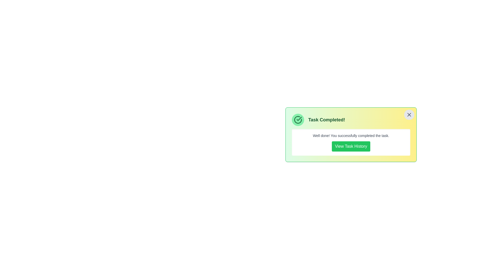 This screenshot has width=492, height=276. I want to click on the 'Task Completed!' text to select it, so click(351, 120).